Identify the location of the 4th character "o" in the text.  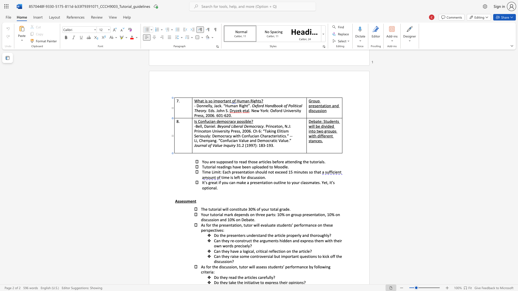
(318, 235).